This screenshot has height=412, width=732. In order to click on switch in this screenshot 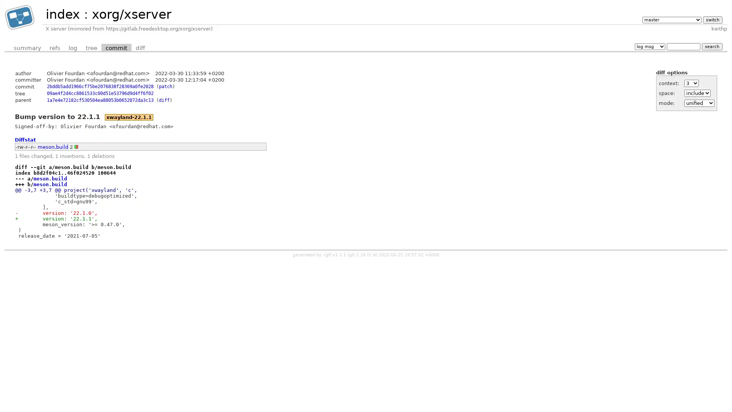, I will do `click(712, 19)`.